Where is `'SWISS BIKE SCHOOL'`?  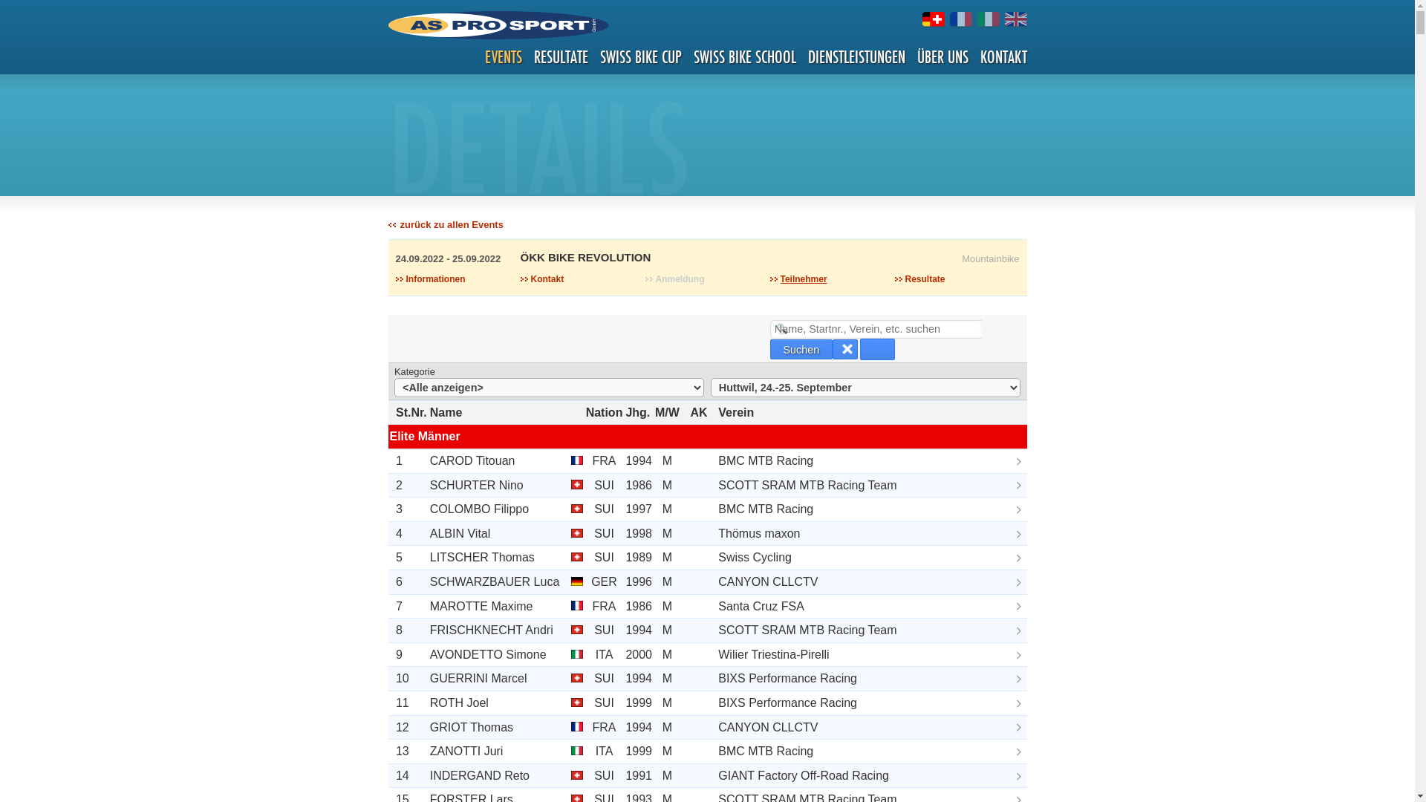 'SWISS BIKE SCHOOL' is located at coordinates (745, 56).